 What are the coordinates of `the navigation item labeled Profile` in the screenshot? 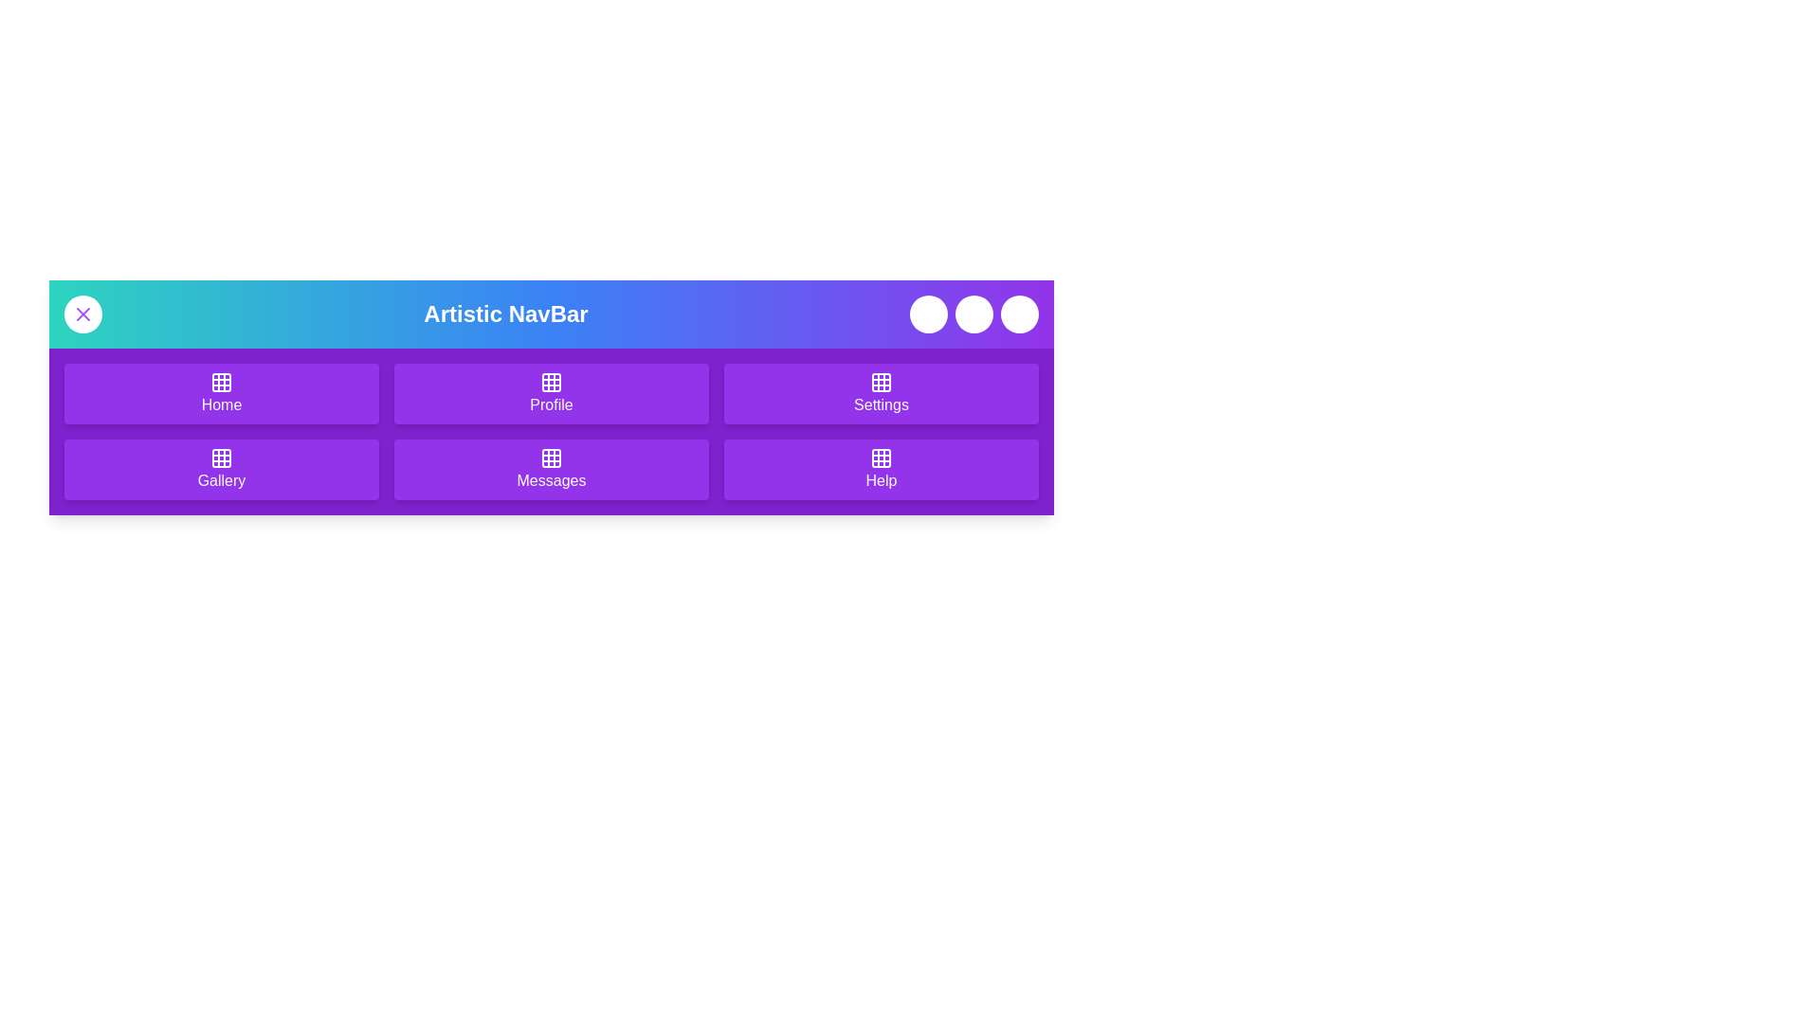 It's located at (550, 393).